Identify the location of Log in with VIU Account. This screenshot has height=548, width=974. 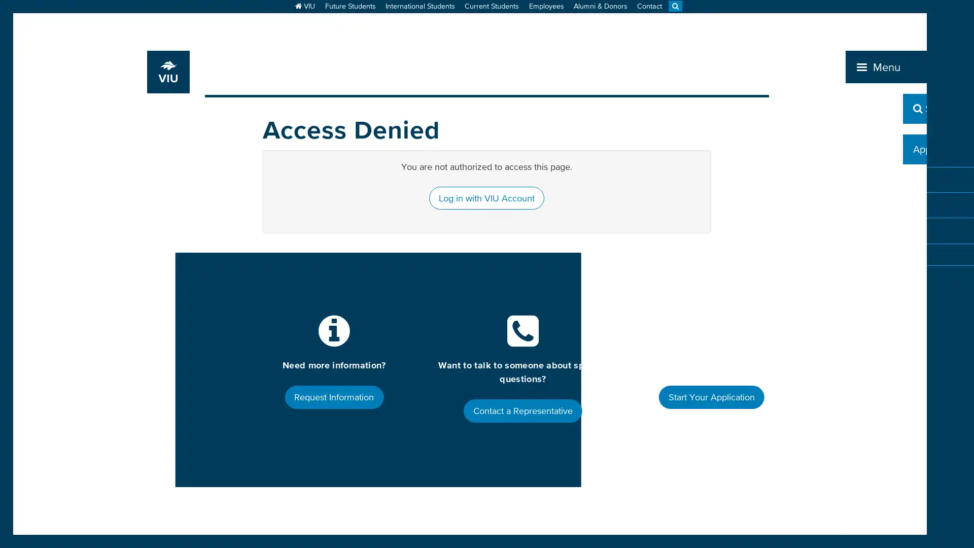
(486, 198).